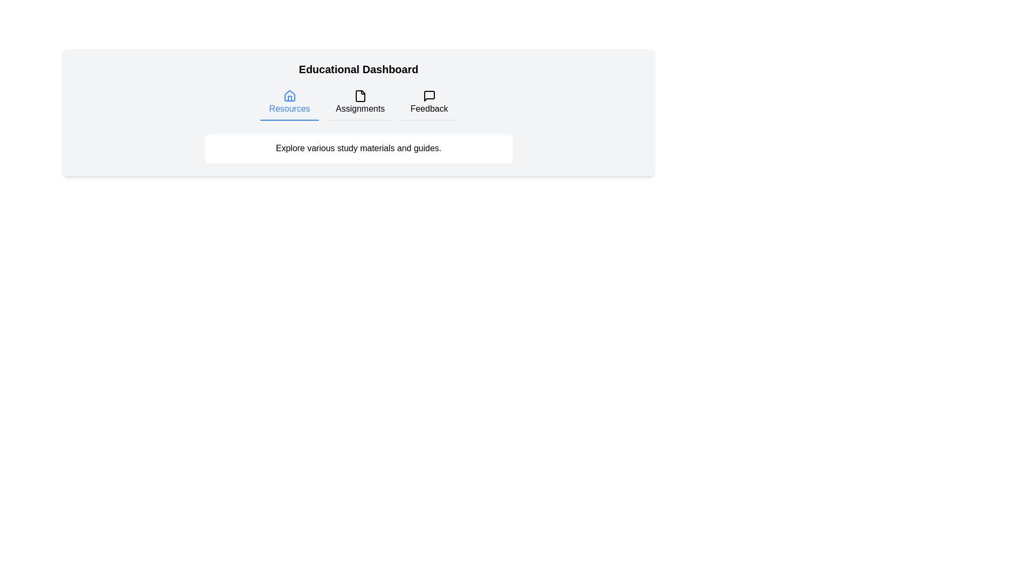  Describe the element at coordinates (429, 109) in the screenshot. I see `the 'Feedback' text label in the navigation section, which is associated with a speech bubble icon and is positioned to the right of 'Resources' and 'Assignments'` at that location.